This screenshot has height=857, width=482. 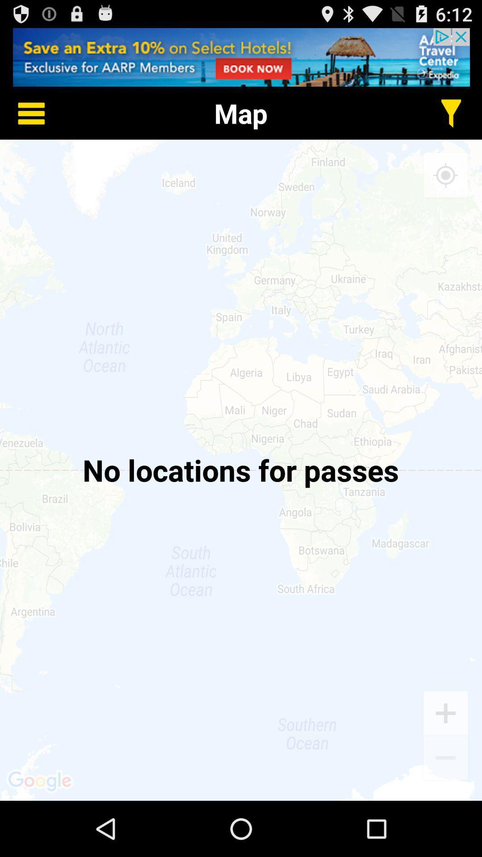 I want to click on the minus icon, so click(x=445, y=812).